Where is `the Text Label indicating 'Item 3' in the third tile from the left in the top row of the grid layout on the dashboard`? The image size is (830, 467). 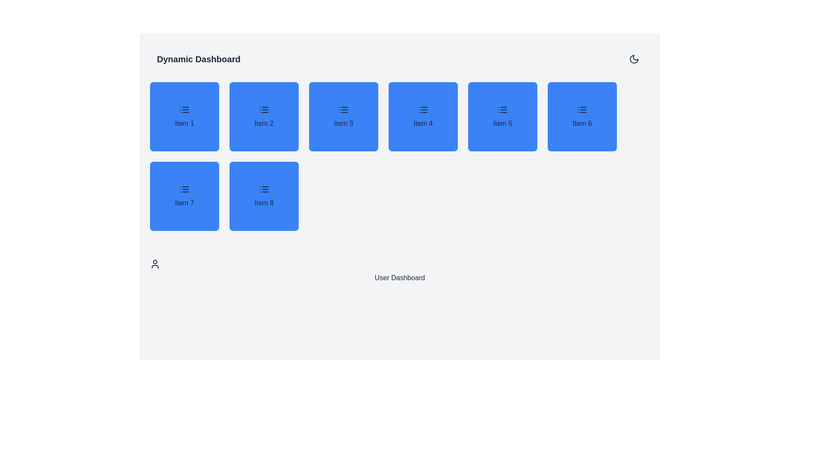
the Text Label indicating 'Item 3' in the third tile from the left in the top row of the grid layout on the dashboard is located at coordinates (343, 123).